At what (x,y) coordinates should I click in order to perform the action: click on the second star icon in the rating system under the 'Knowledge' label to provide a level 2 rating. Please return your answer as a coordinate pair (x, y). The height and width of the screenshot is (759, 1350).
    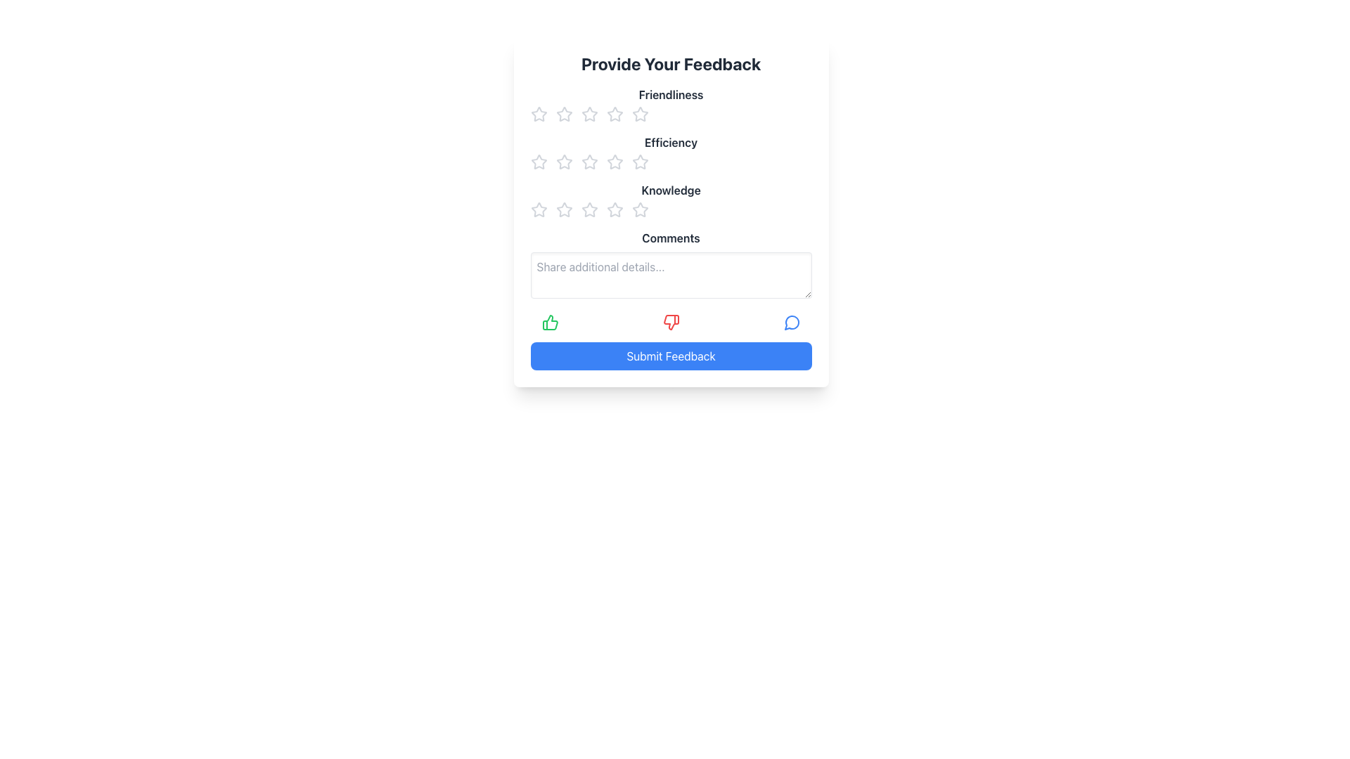
    Looking at the image, I should click on (538, 209).